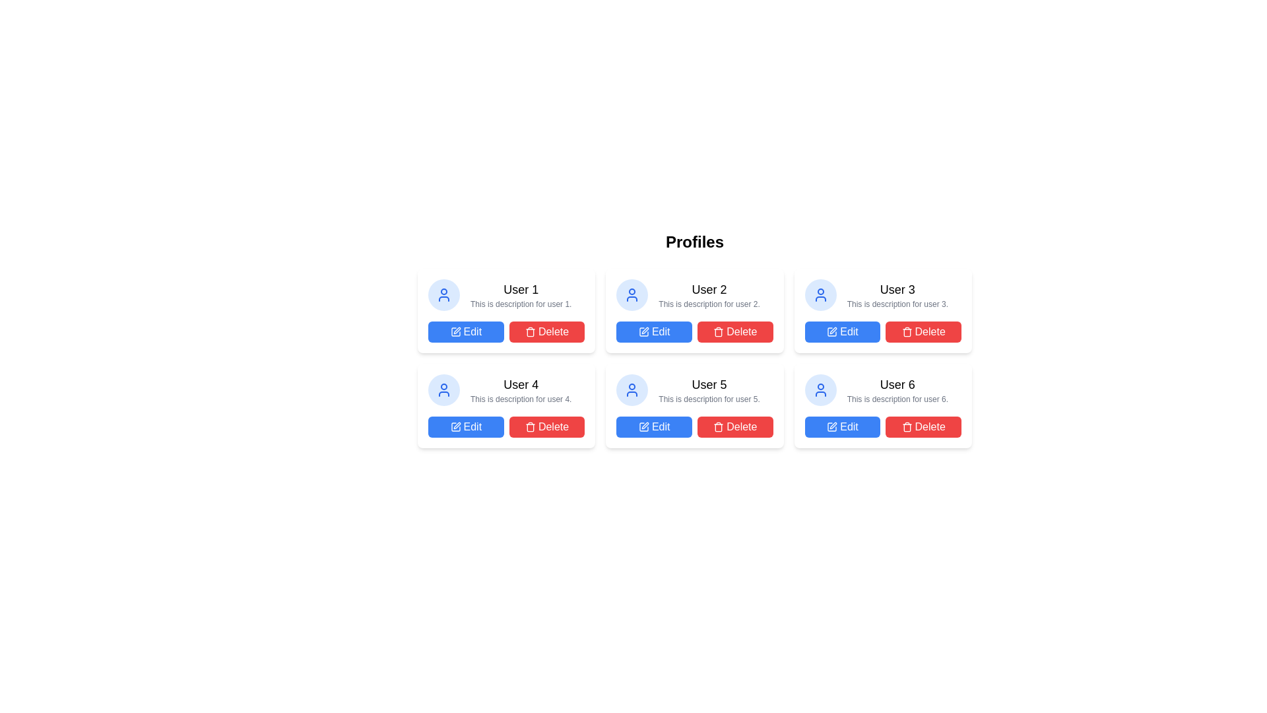 Image resolution: width=1267 pixels, height=713 pixels. Describe the element at coordinates (645, 330) in the screenshot. I see `the pen icon embedded within the 'Edit' button located beneath the 'User 2' profile card to indicate that clicking it will allow modifications to the user's details` at that location.